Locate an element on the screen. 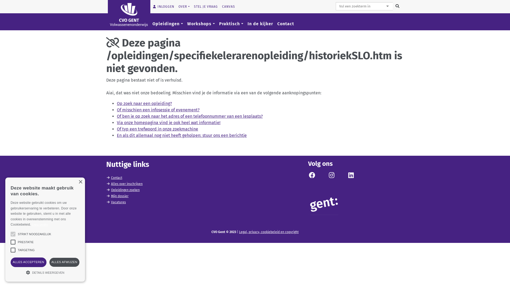 This screenshot has height=287, width=510. 'STEL JE VRAAG' is located at coordinates (205, 6).